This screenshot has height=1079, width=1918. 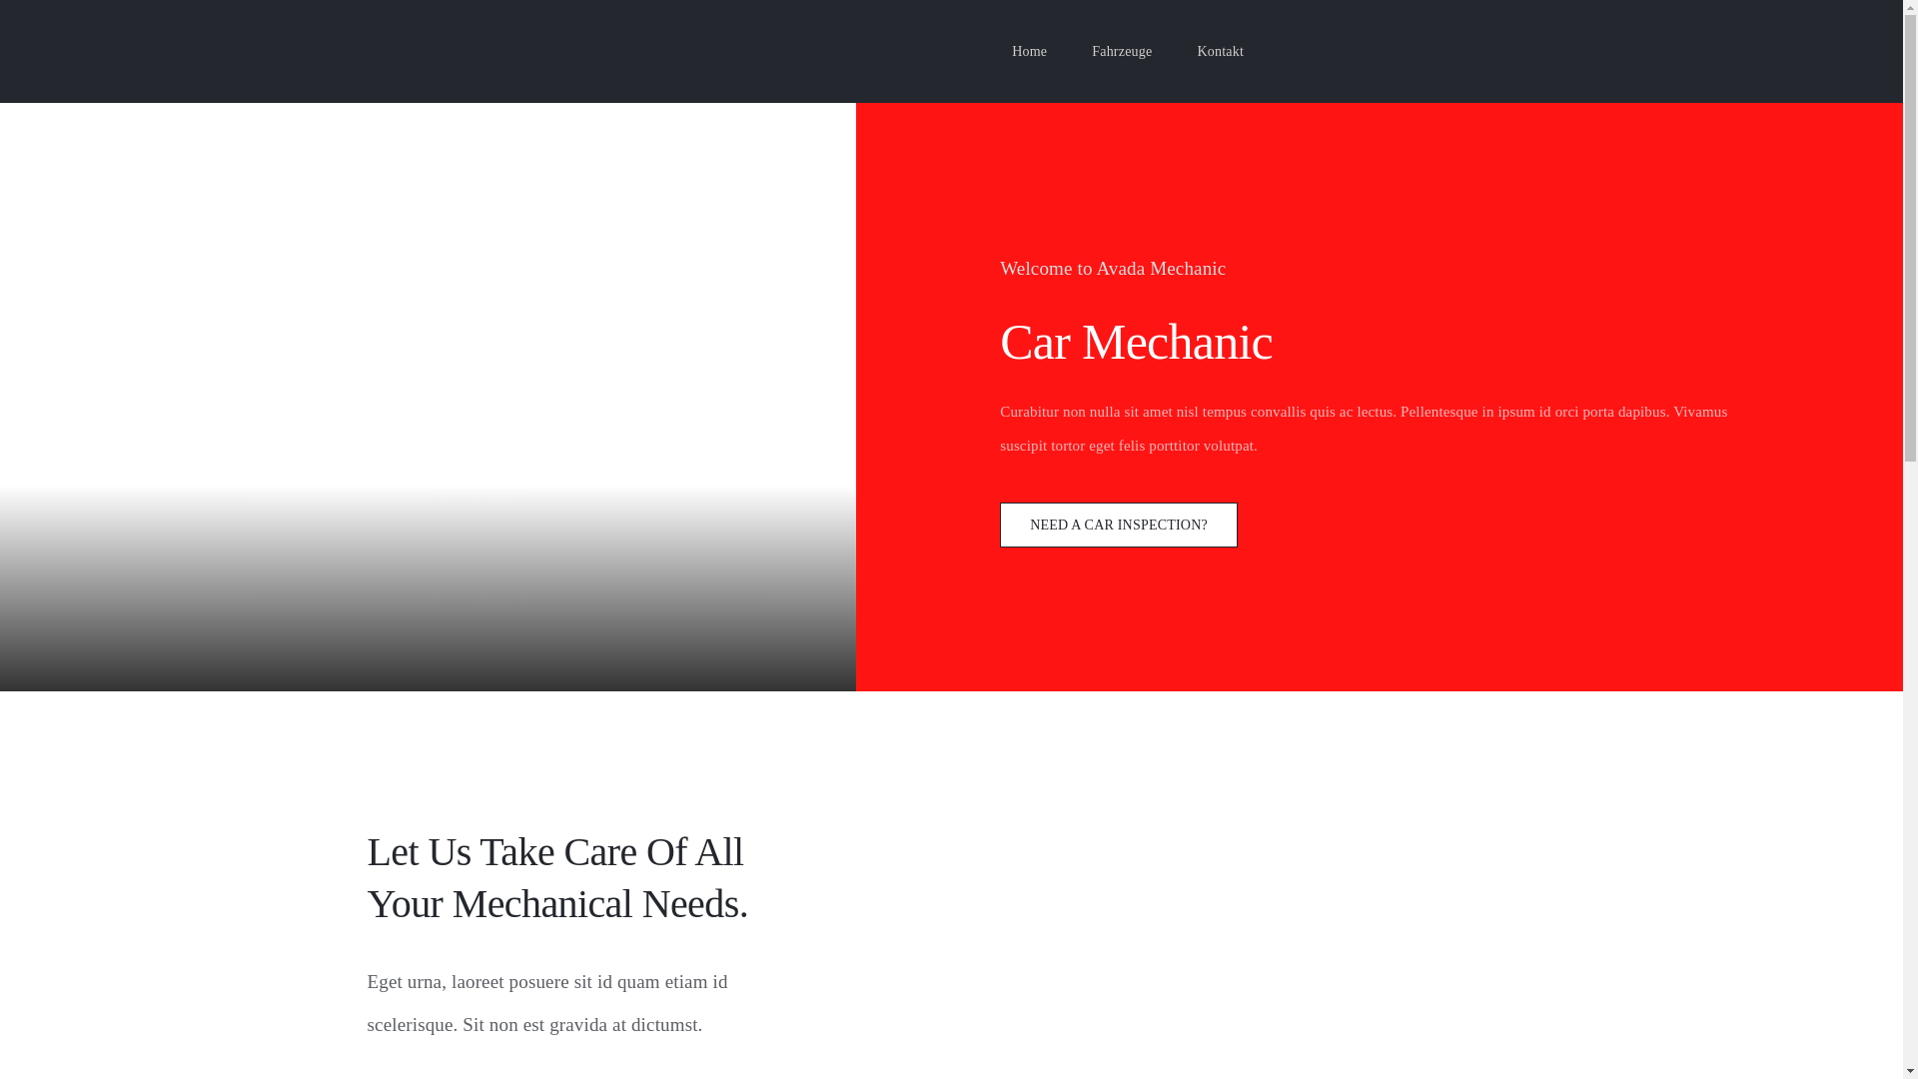 I want to click on 'Fahrzeuge', so click(x=1122, y=50).